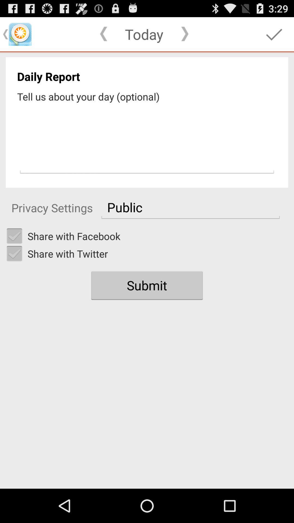  I want to click on check to share with facebook, so click(14, 236).